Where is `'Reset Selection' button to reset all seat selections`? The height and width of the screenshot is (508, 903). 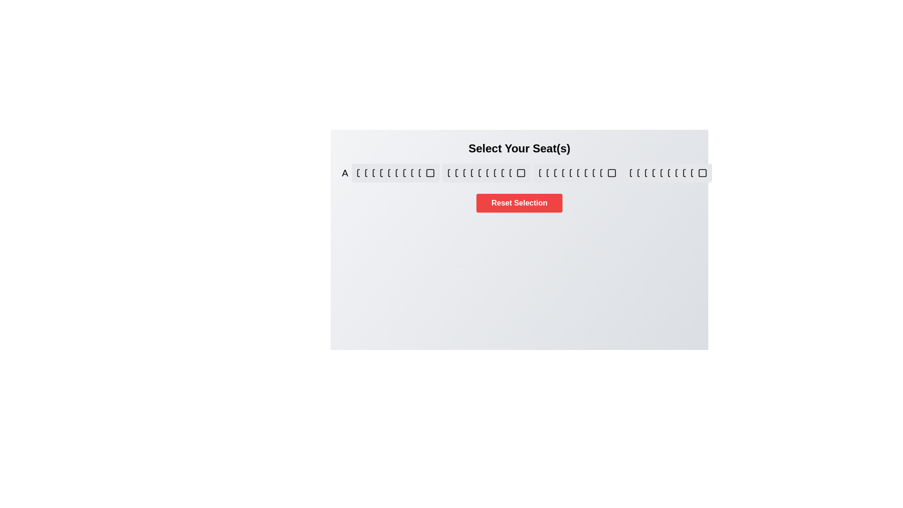
'Reset Selection' button to reset all seat selections is located at coordinates (519, 203).